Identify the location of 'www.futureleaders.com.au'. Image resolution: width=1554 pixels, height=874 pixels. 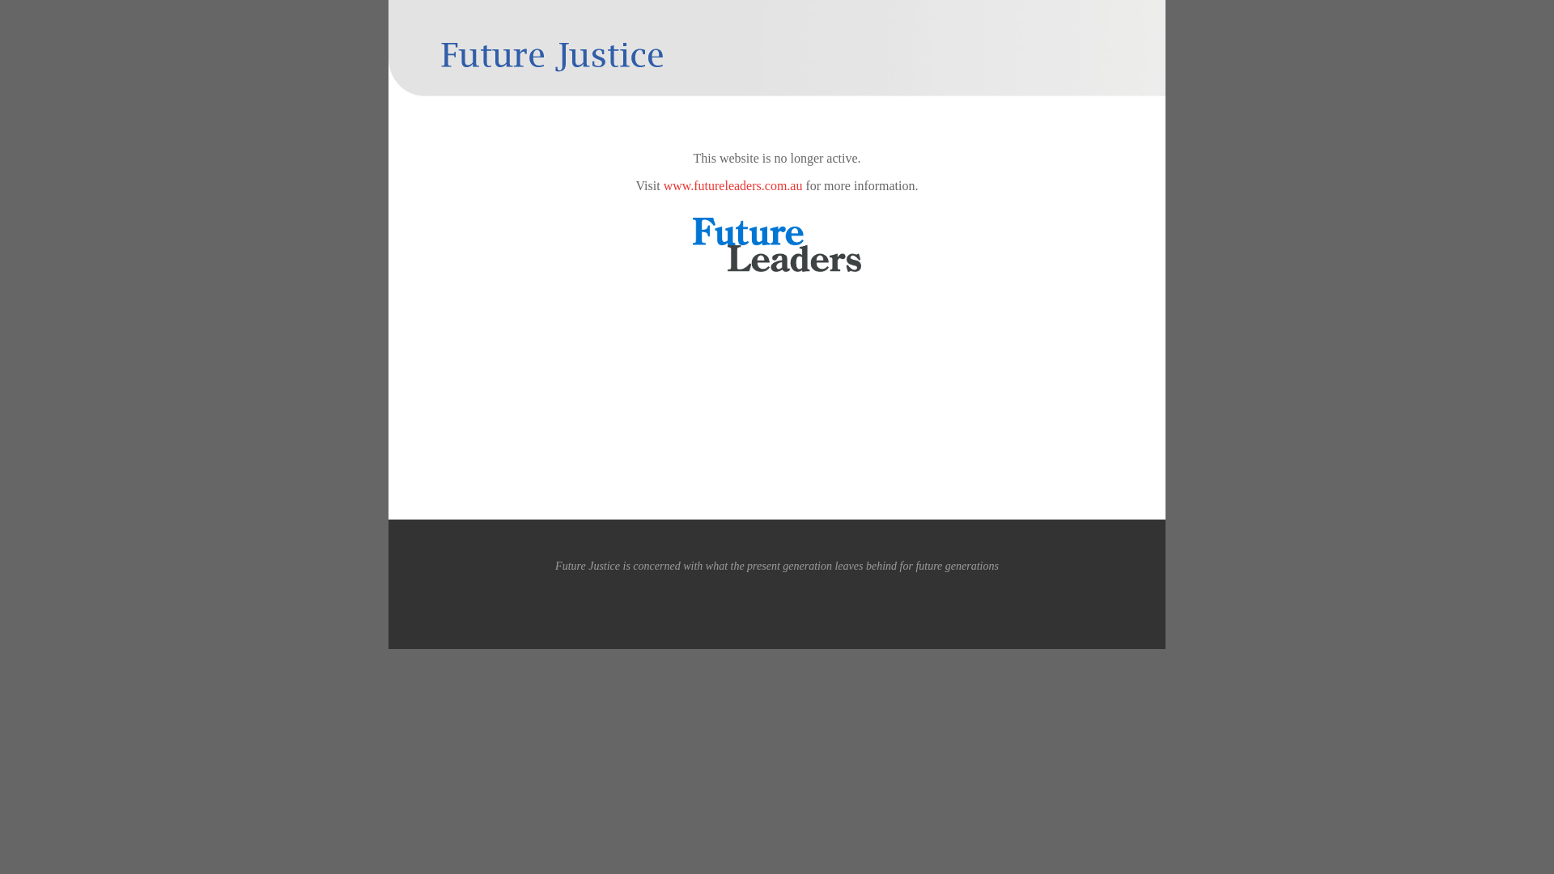
(732, 185).